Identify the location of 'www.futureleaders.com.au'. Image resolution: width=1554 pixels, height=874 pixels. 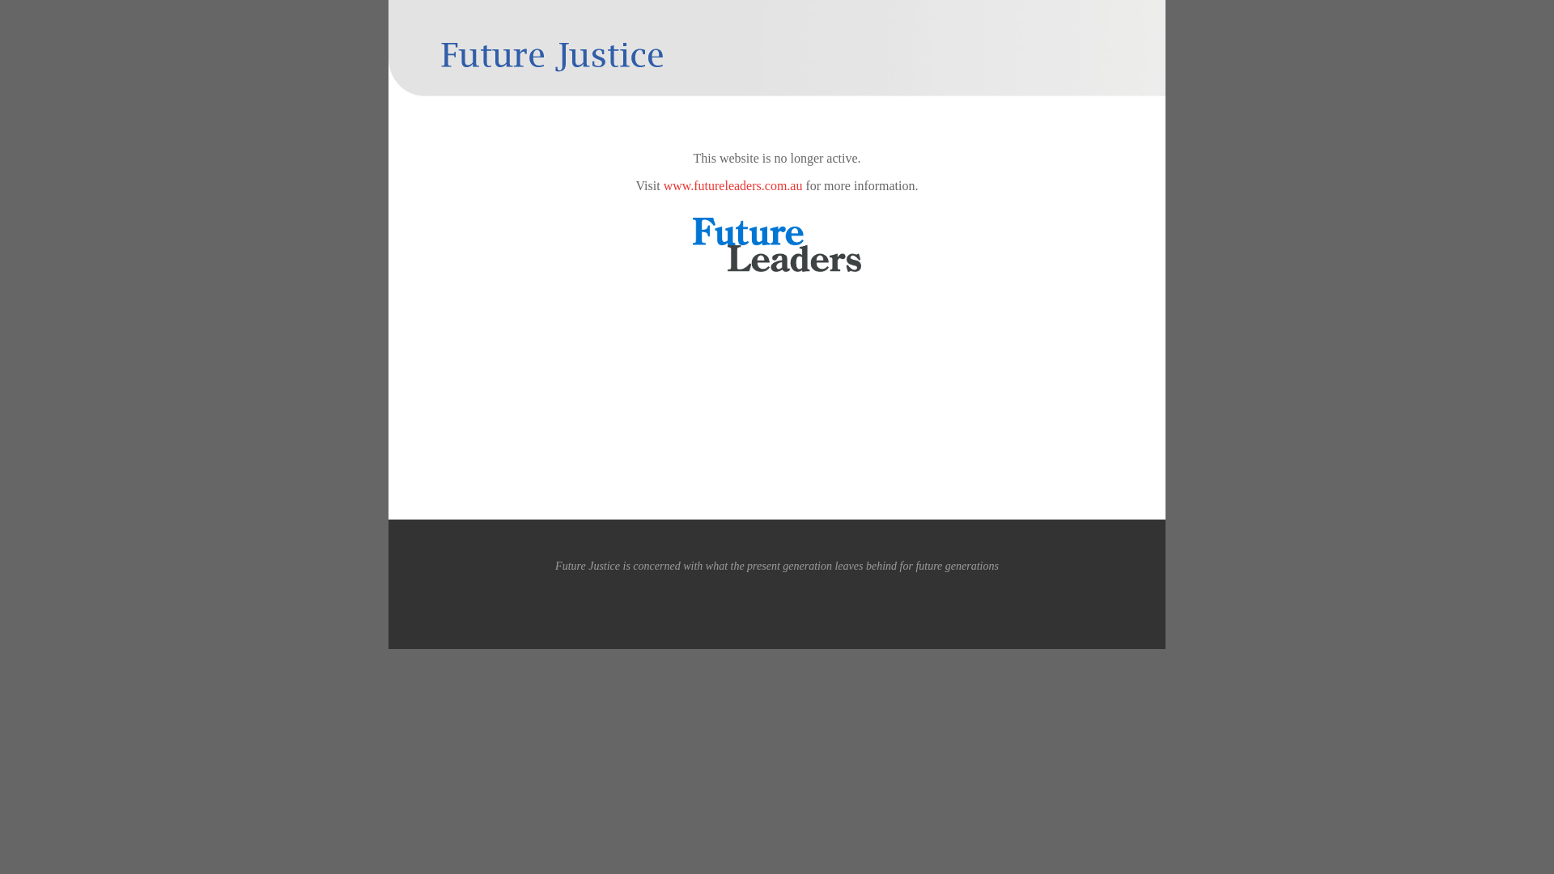
(732, 185).